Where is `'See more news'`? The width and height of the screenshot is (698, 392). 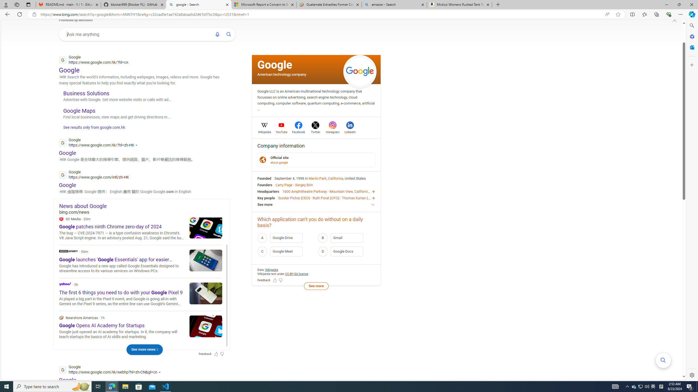
'See more news' is located at coordinates (144, 349).